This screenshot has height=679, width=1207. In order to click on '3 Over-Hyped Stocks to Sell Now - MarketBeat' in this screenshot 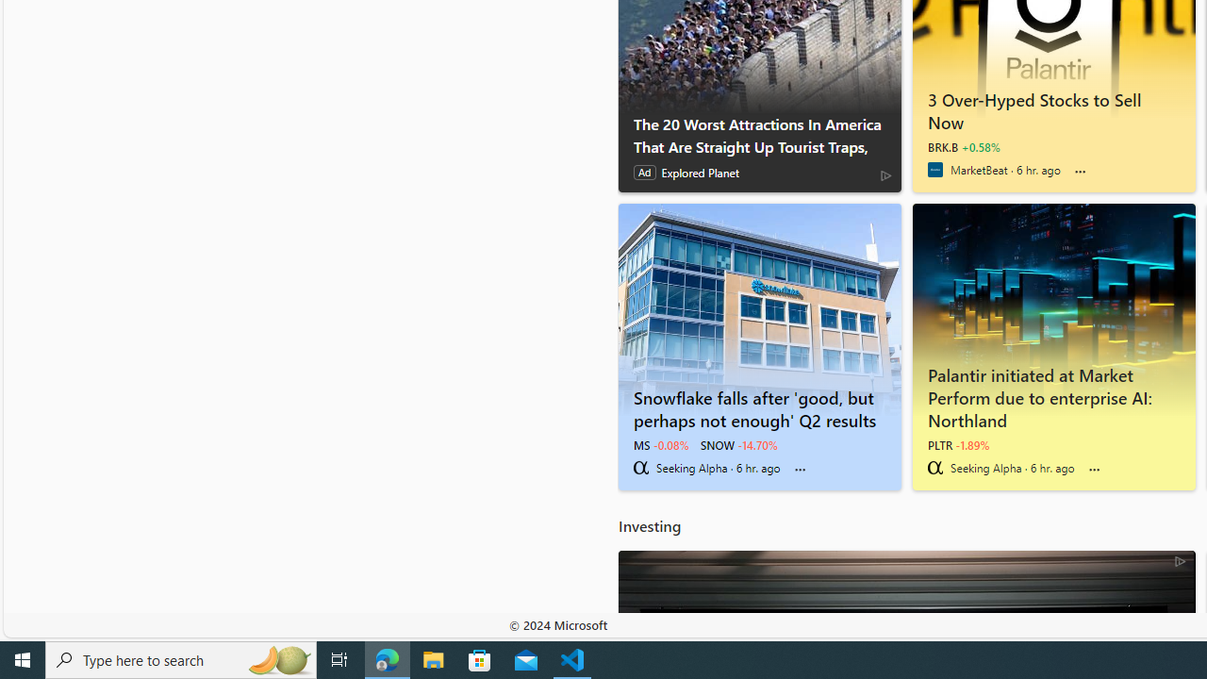, I will do `click(1052, 108)`.